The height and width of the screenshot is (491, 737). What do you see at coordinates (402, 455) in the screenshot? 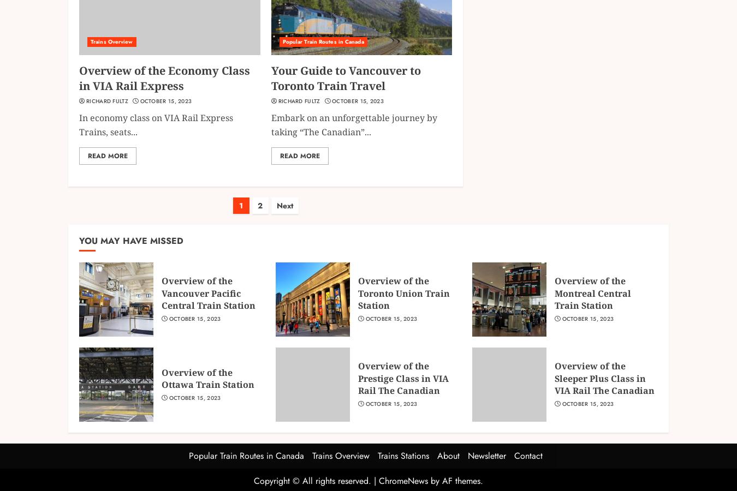
I see `'Trains Stations'` at bounding box center [402, 455].